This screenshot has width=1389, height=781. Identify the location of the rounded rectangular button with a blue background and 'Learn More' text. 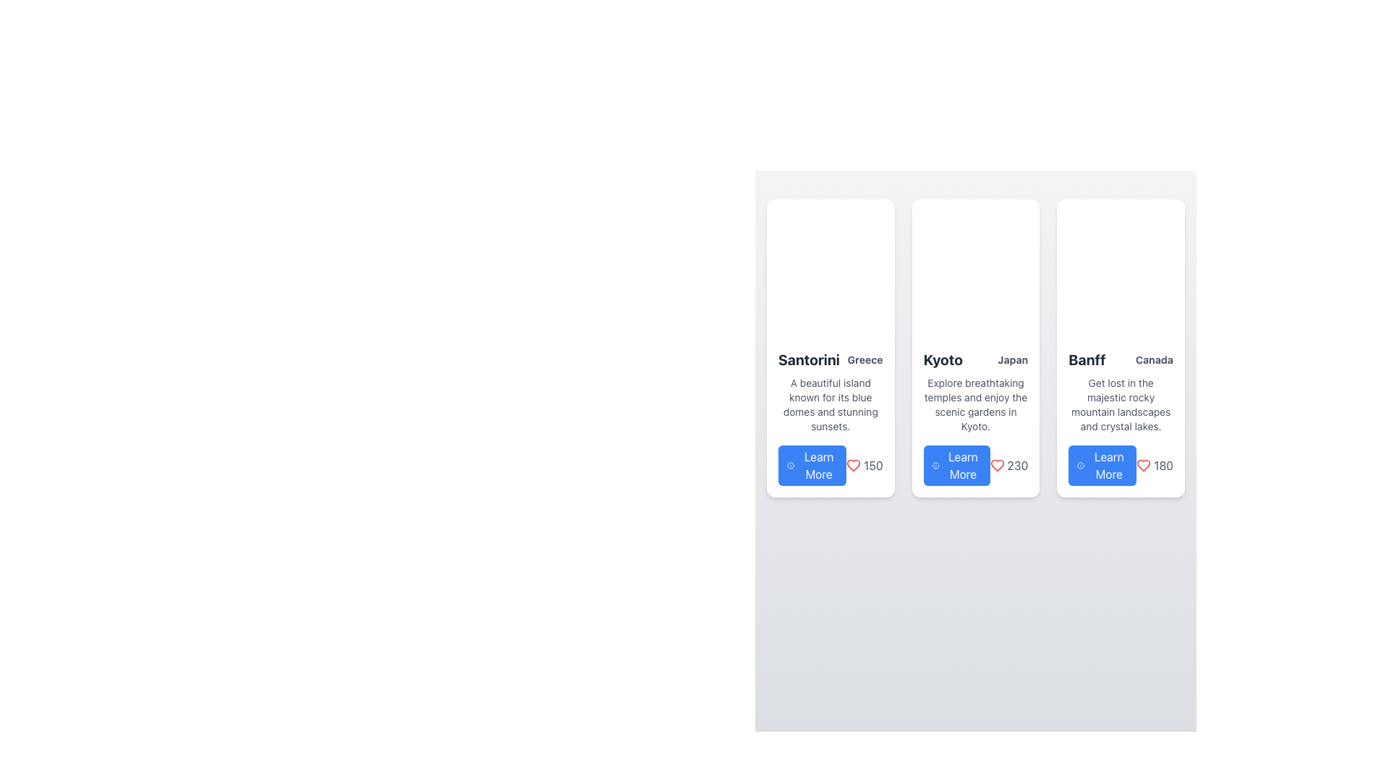
(956, 466).